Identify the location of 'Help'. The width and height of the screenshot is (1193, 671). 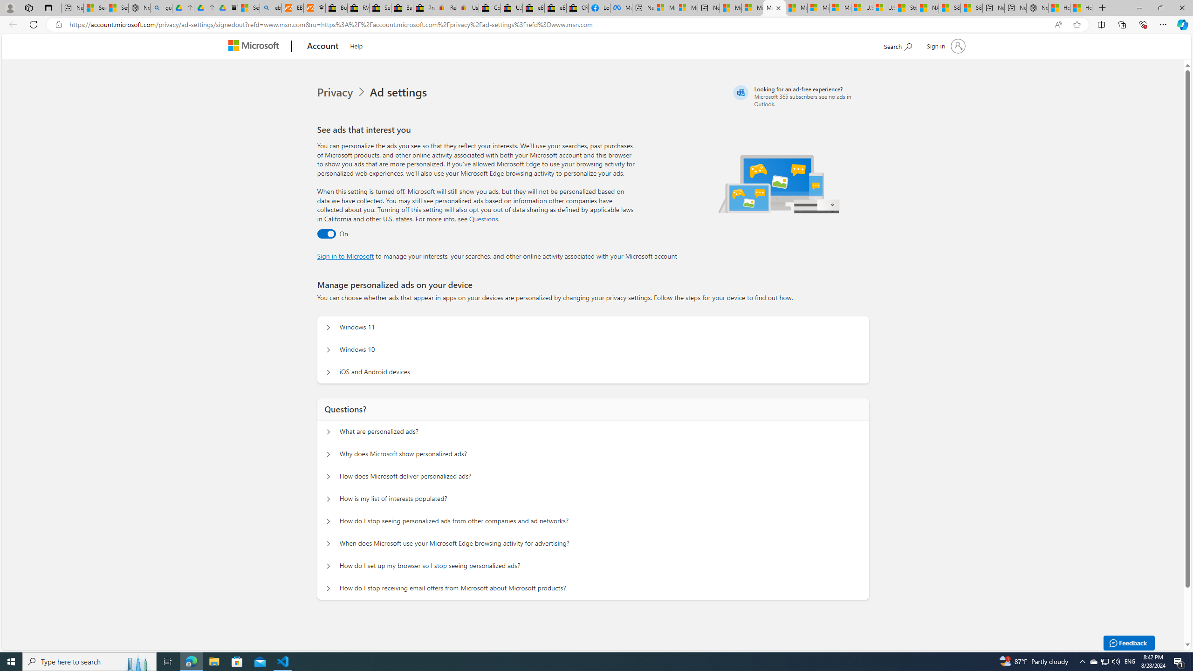
(357, 45).